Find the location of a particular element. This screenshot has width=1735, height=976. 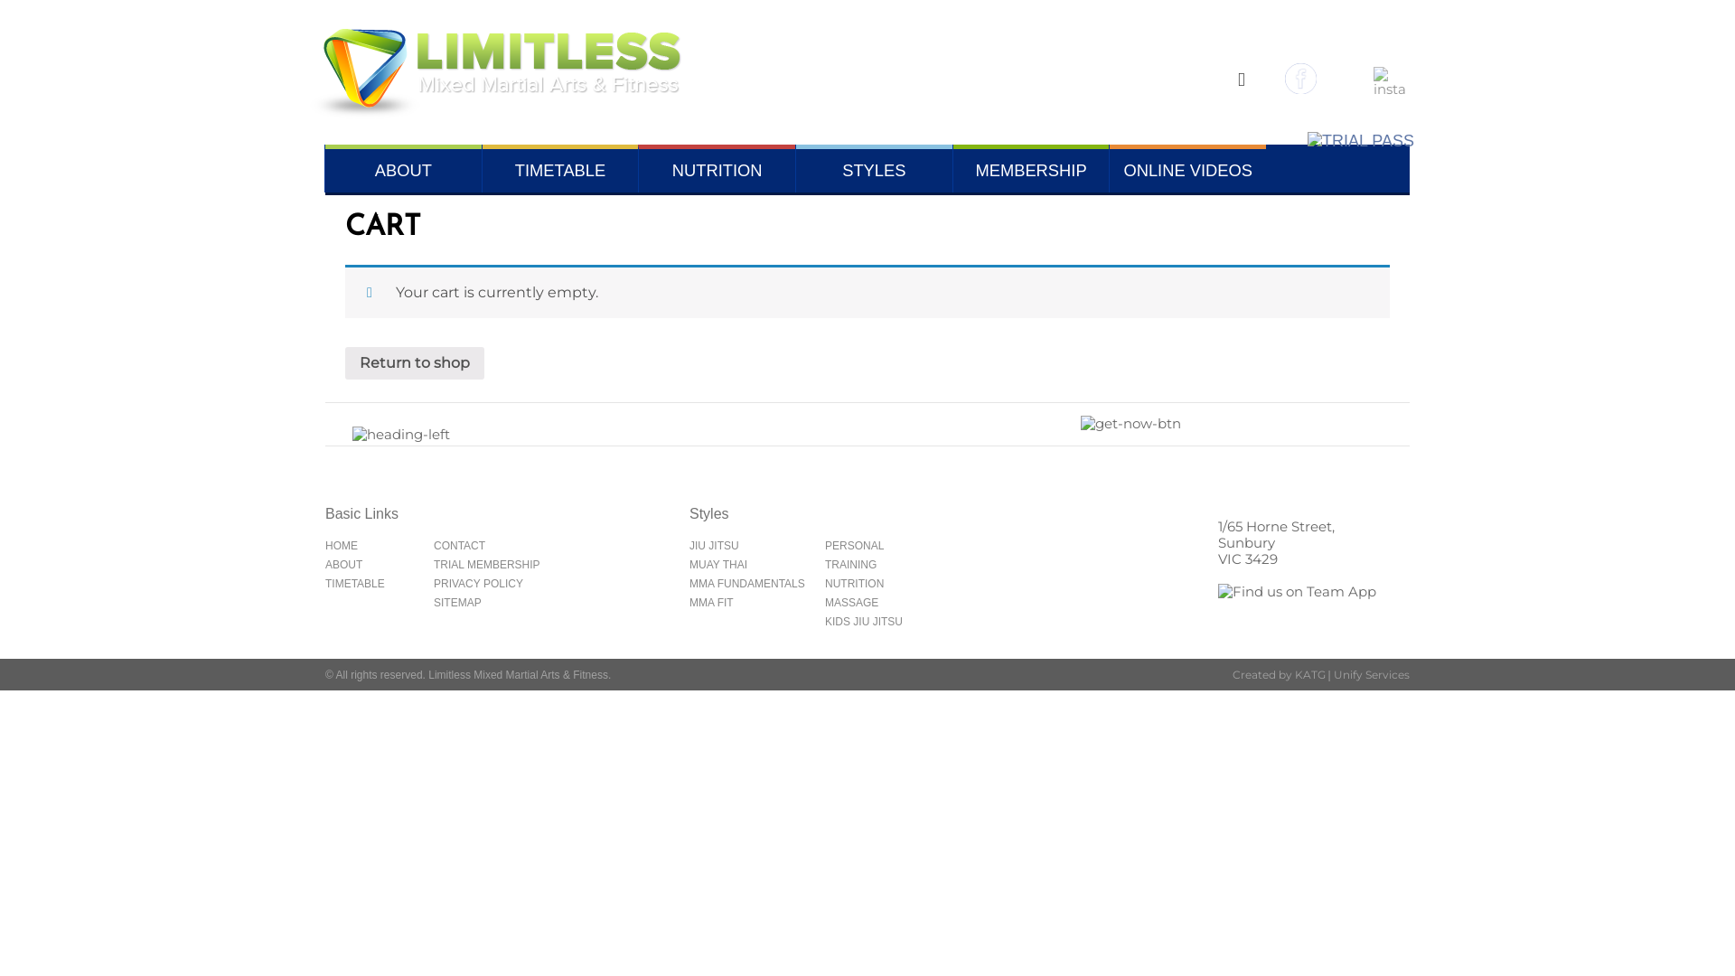

'PRIVACY POLICY' is located at coordinates (434, 583).